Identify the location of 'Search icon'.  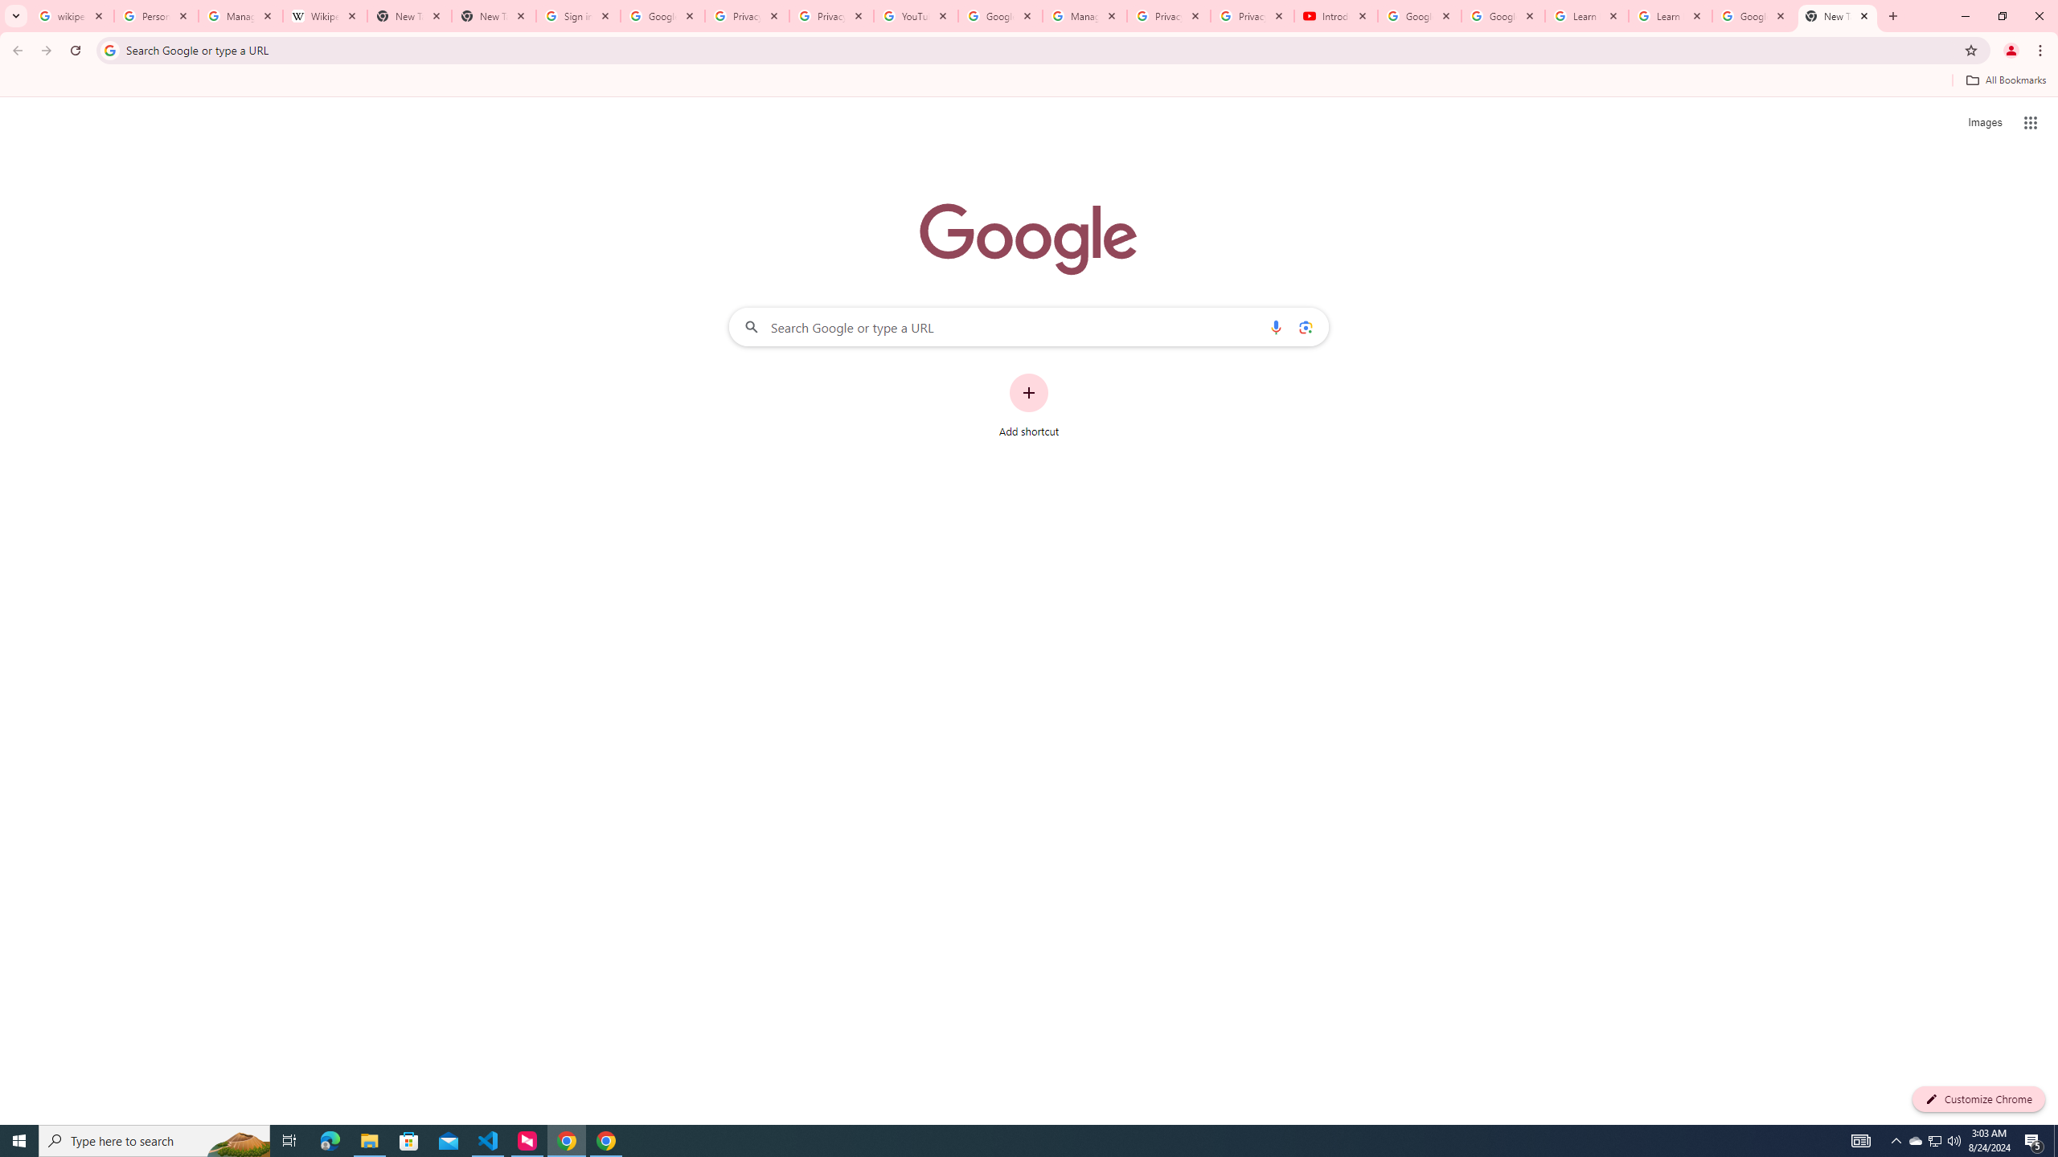
(109, 49).